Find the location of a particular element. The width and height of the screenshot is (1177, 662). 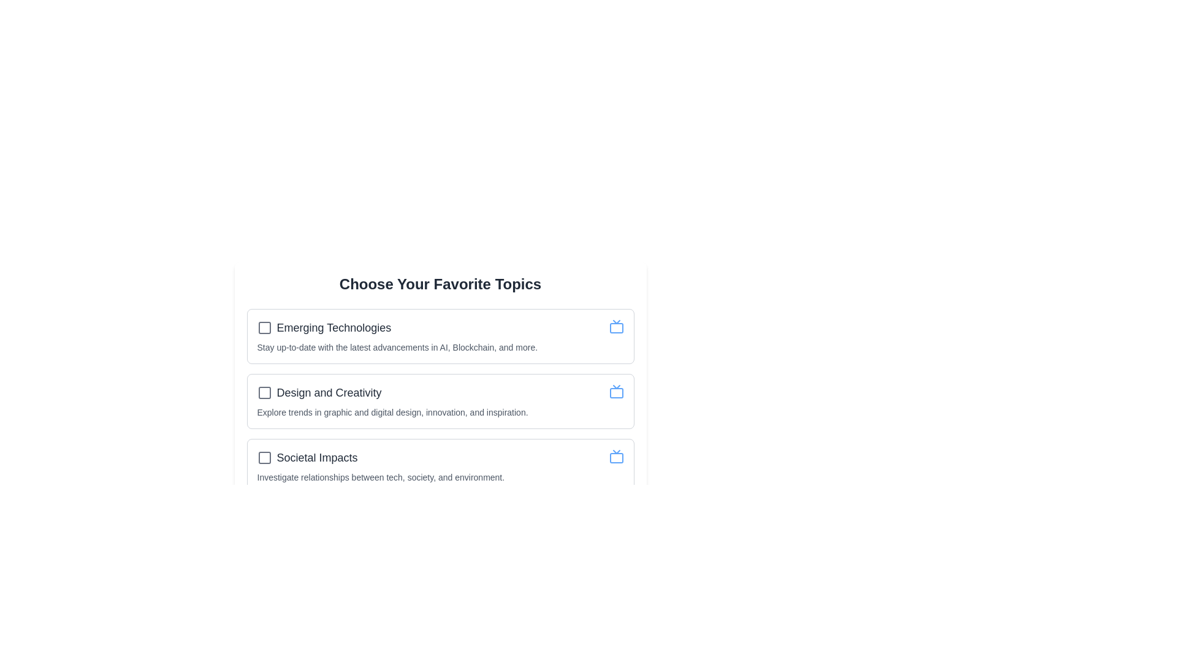

the 'Societal Impacts' icon located to the right of the 'Societal Impacts' label, at the end of the third row in the list under 'Choose Your Favorite Topics' is located at coordinates (616, 456).